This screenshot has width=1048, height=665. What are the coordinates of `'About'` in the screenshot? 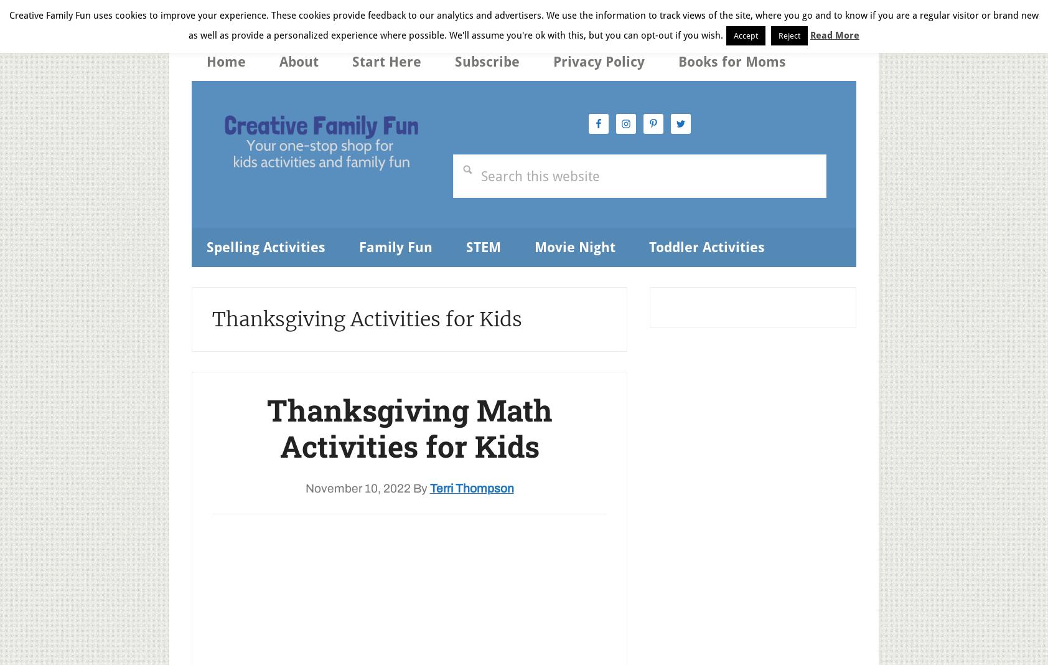 It's located at (278, 61).